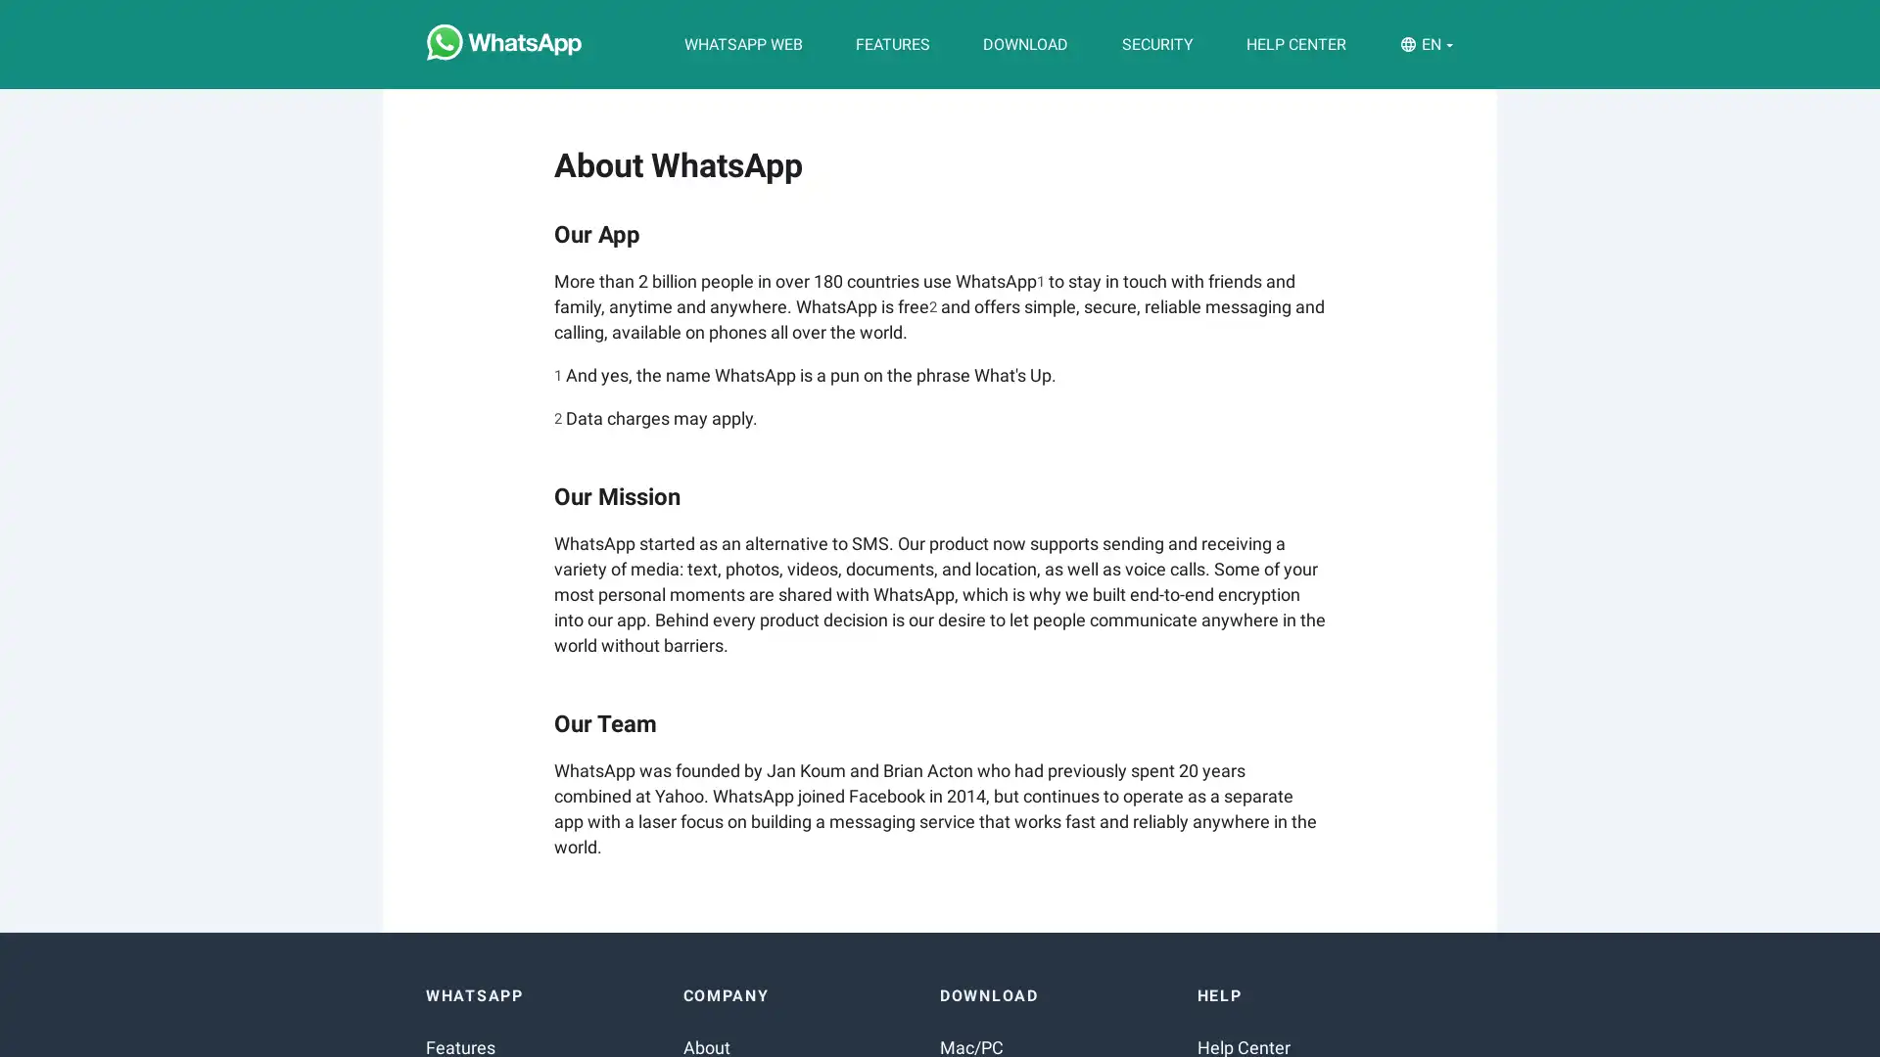 The width and height of the screenshot is (1880, 1057). What do you see at coordinates (1427, 44) in the screenshot?
I see `EN` at bounding box center [1427, 44].